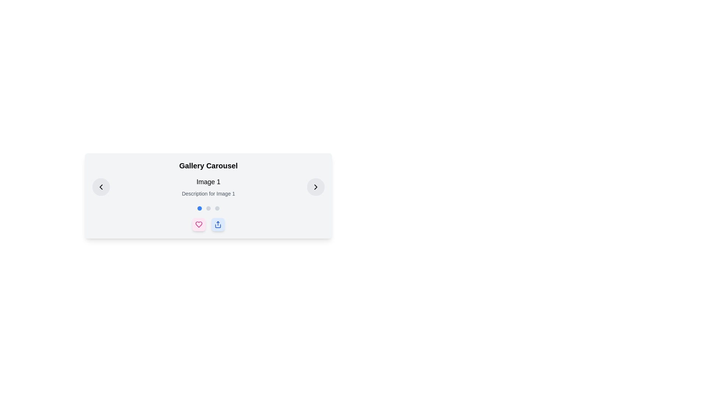 The height and width of the screenshot is (397, 706). I want to click on the right-pointing chevron icon button located at the far-right end of the carousel interface, so click(316, 187).